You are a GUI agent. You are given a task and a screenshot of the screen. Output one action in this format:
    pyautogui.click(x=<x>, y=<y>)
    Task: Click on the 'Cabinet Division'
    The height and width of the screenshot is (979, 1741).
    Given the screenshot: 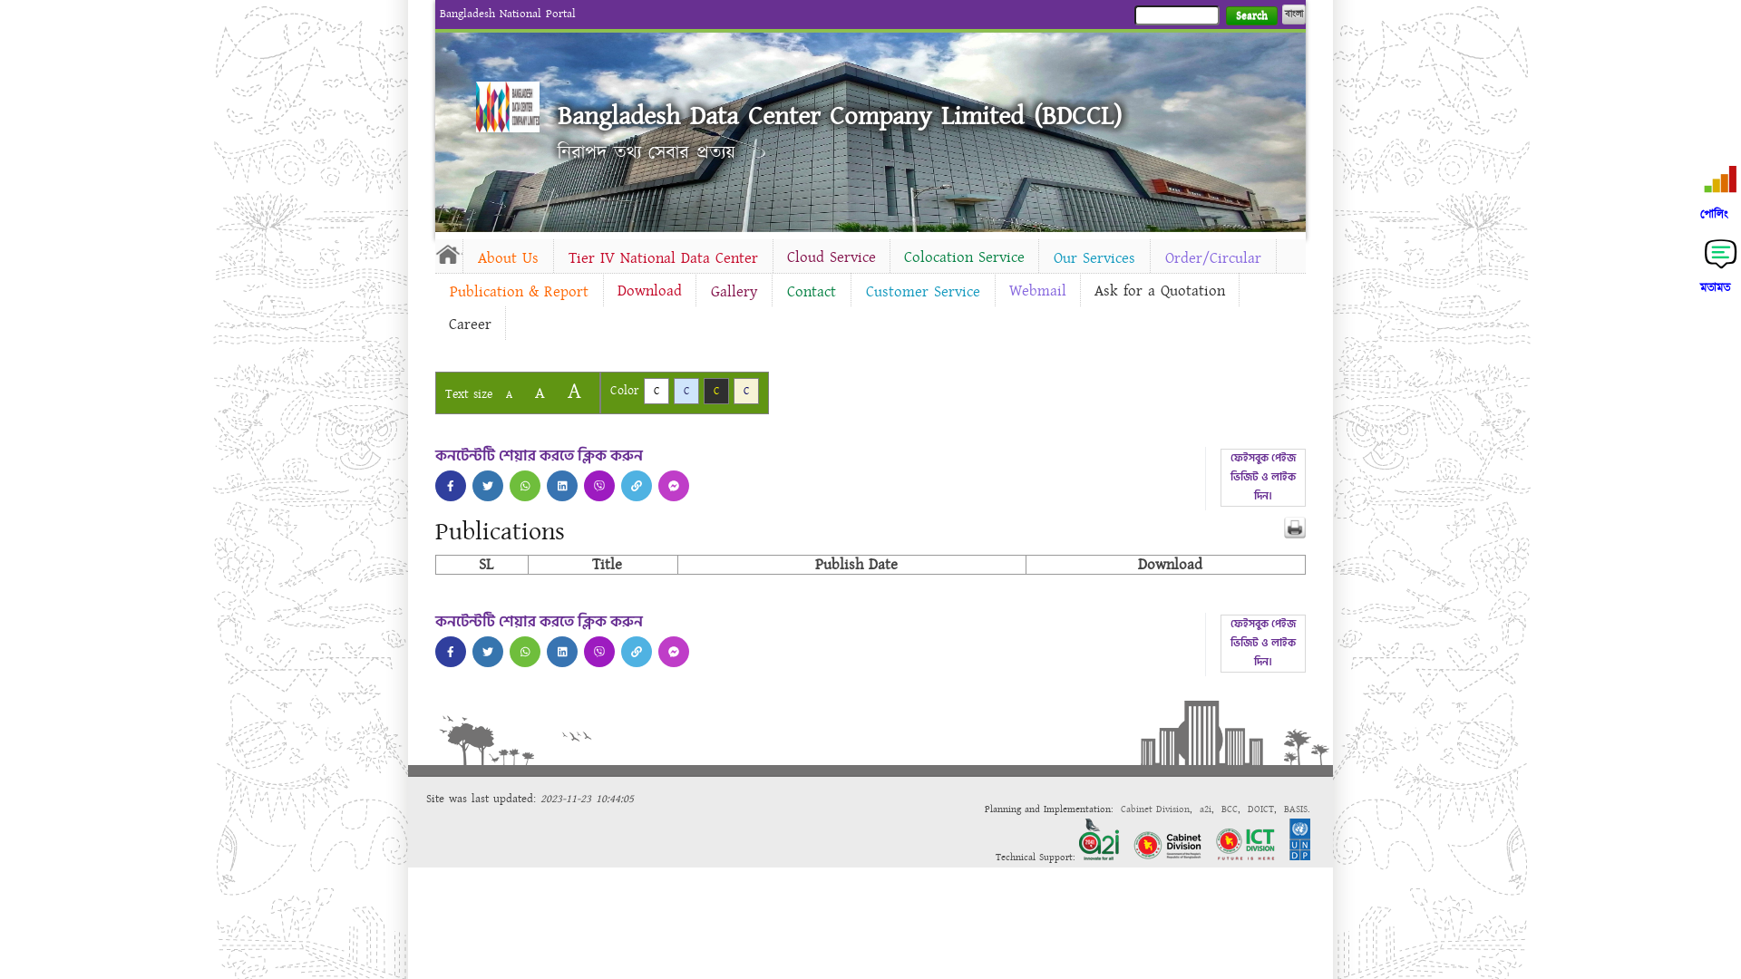 What is the action you would take?
    pyautogui.click(x=1153, y=808)
    